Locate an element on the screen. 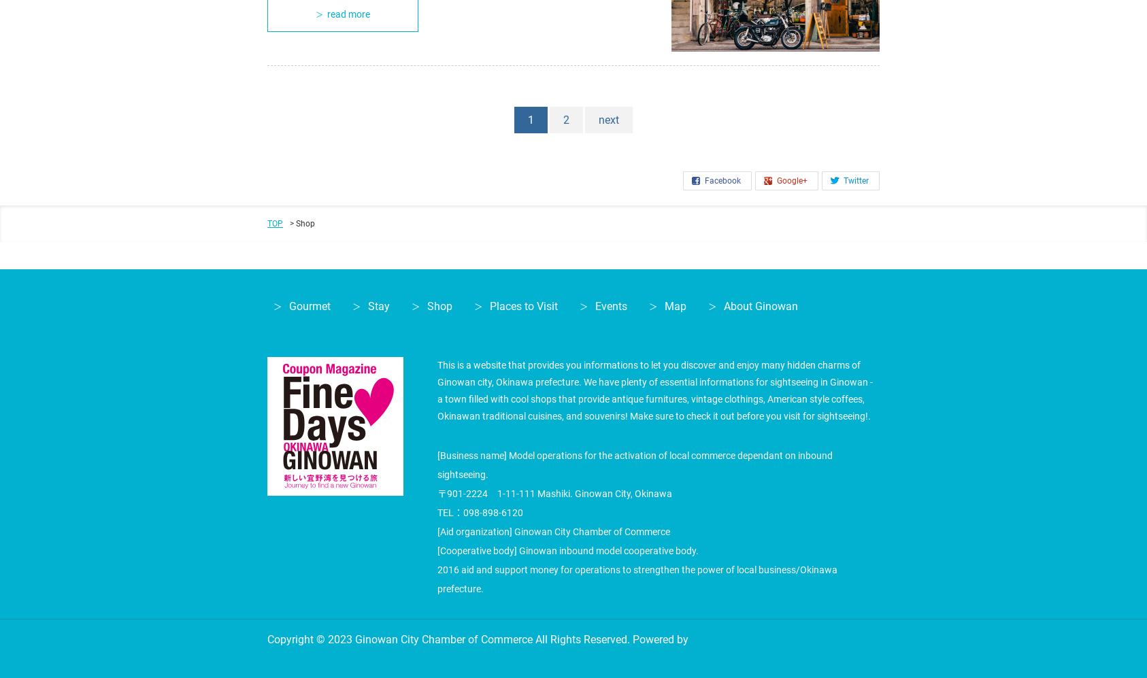 The width and height of the screenshot is (1147, 678). 'read more' is located at coordinates (348, 14).